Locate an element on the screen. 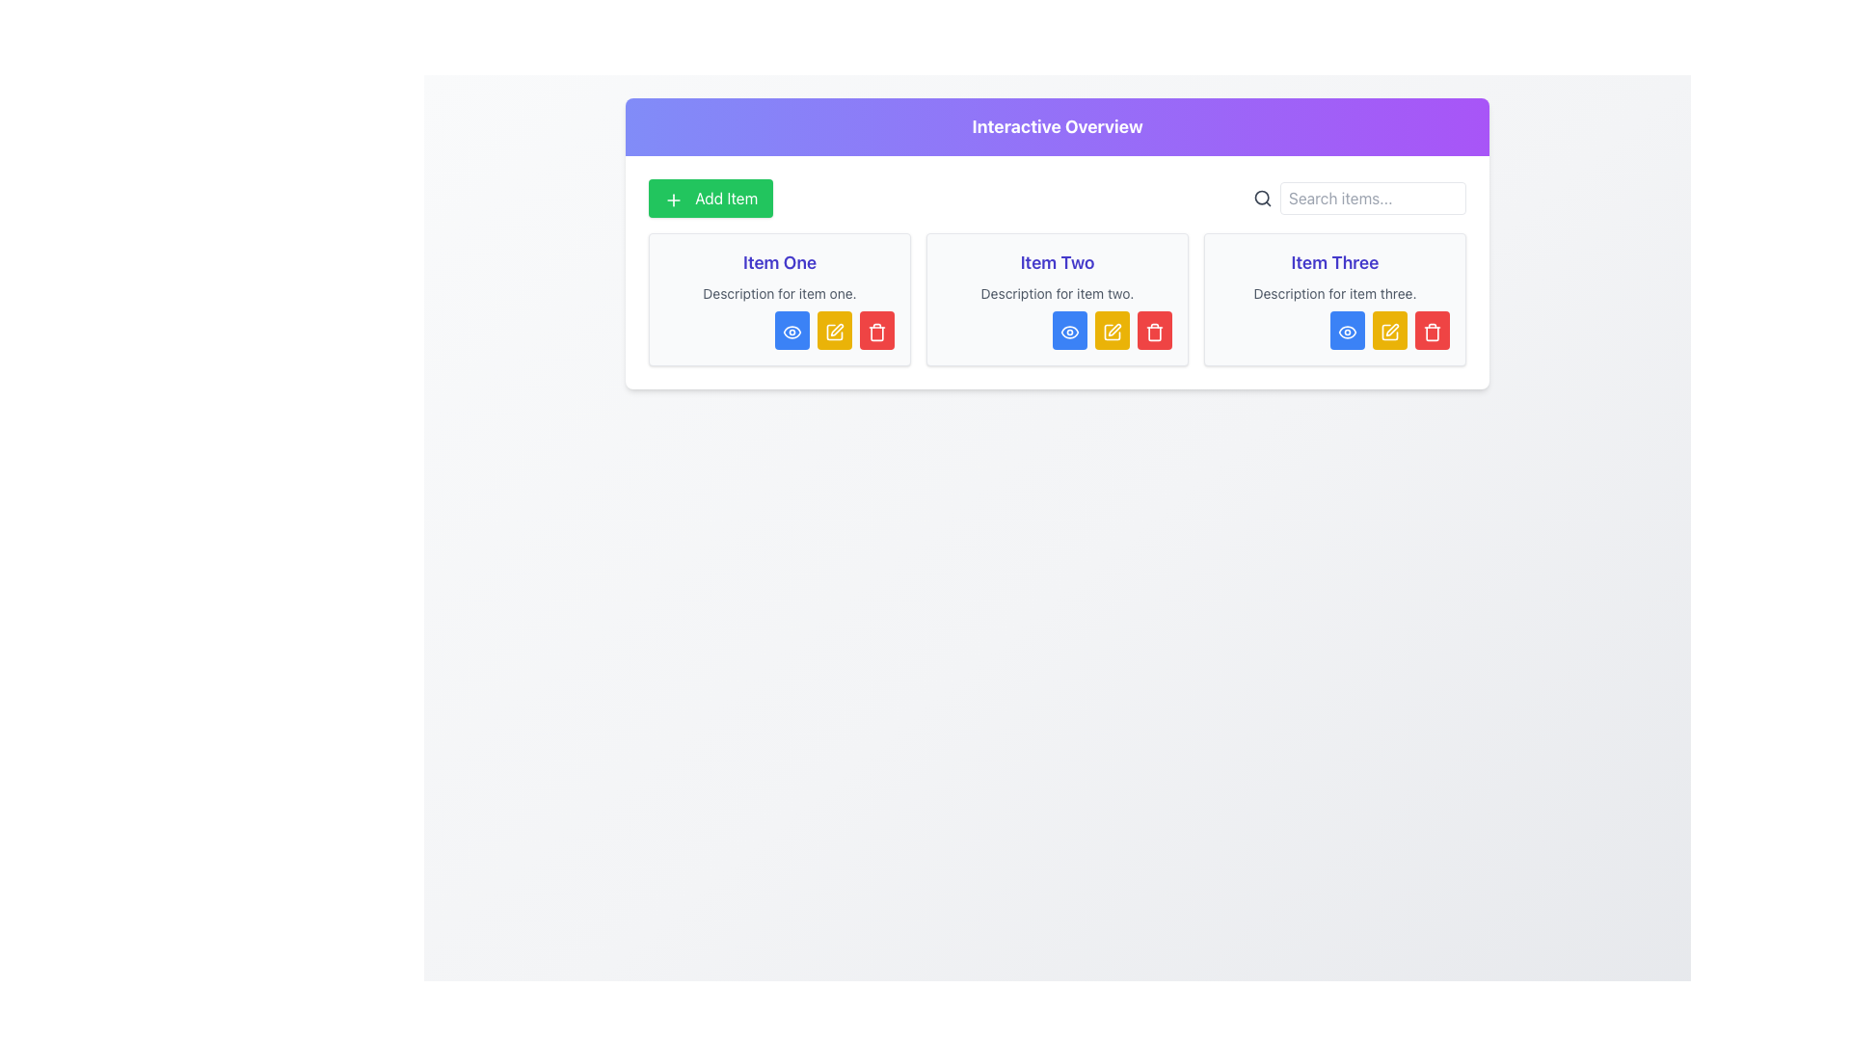  the gray magnifying glass icon representing search functionality, located to the left of the 'Search items...' text input box is located at coordinates (1263, 198).